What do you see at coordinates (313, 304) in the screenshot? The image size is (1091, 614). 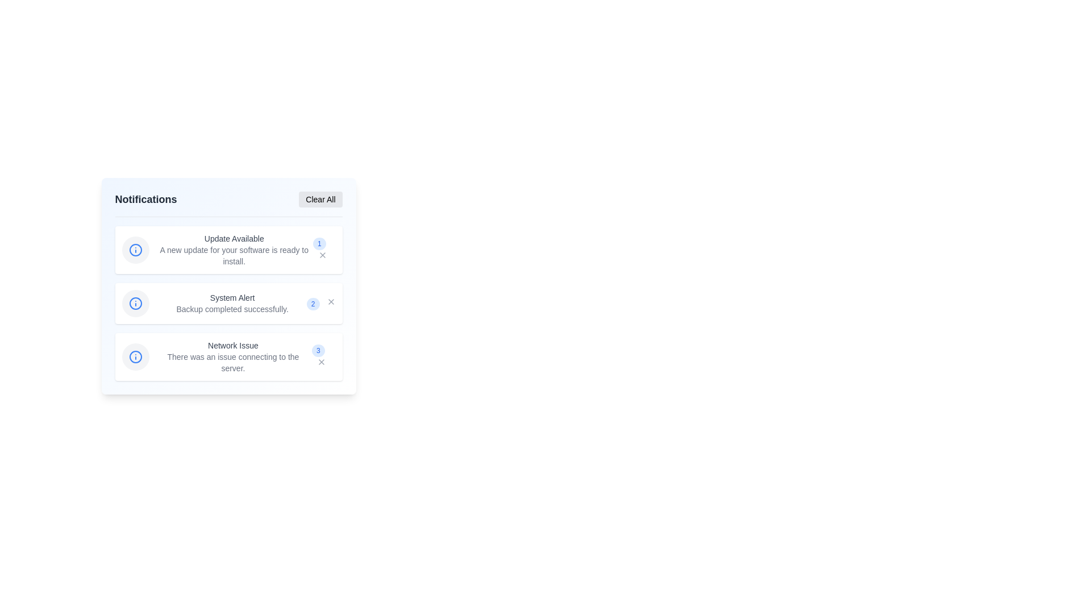 I see `the small, rounded rectangular badge with a light blue background and the number '2' next to the 'System Alert: Backup completed successfully.' label` at bounding box center [313, 304].